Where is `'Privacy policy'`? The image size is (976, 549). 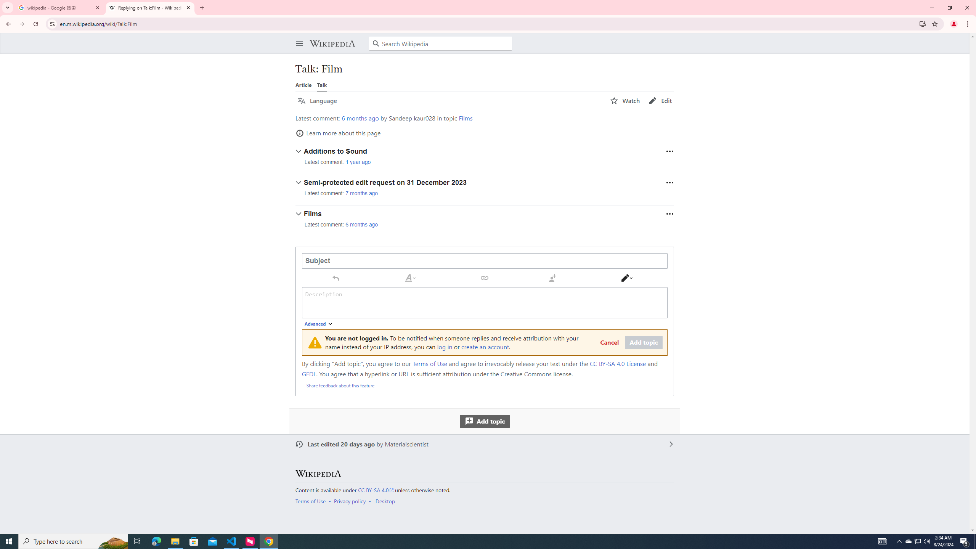 'Privacy policy' is located at coordinates (350, 501).